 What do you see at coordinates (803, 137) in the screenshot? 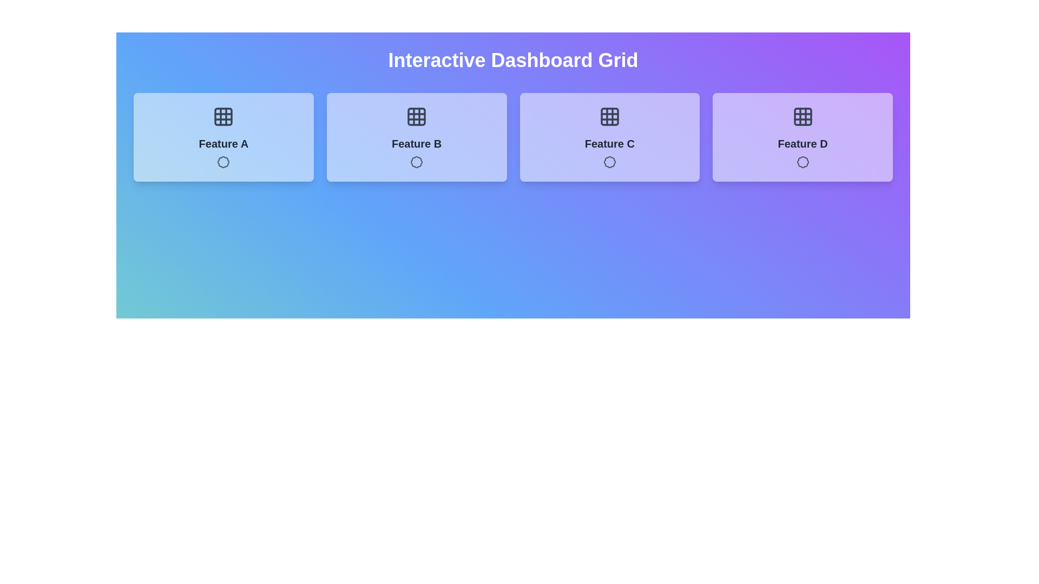
I see `the 'Feature D' card widget, which has a grid icon at the top and an 'Interactive' badge at the bottom, located in the fourth position from the left in a grid layout` at bounding box center [803, 137].